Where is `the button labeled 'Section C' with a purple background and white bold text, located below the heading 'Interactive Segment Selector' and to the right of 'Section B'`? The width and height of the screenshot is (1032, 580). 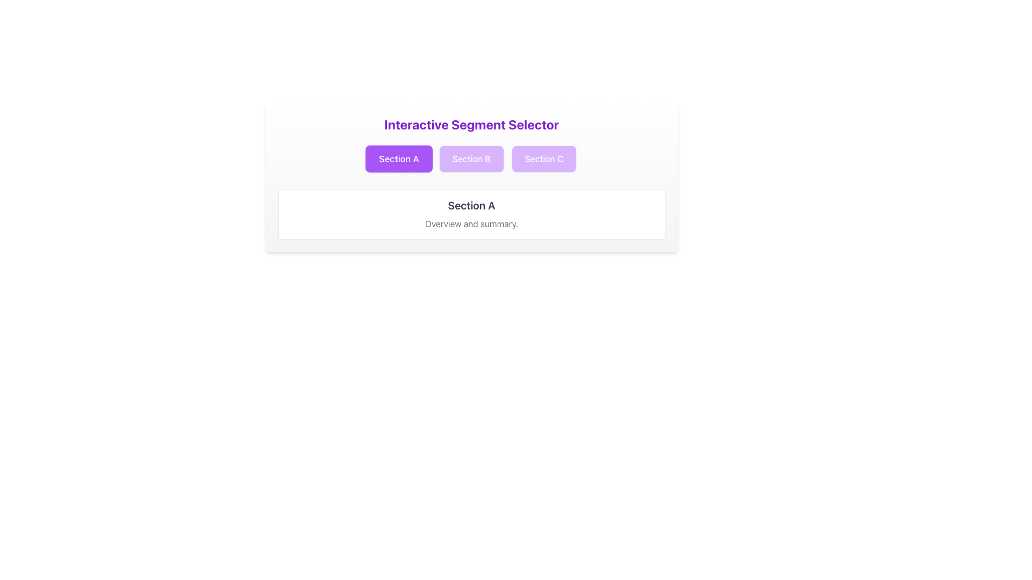
the button labeled 'Section C' with a purple background and white bold text, located below the heading 'Interactive Segment Selector' and to the right of 'Section B' is located at coordinates (544, 159).